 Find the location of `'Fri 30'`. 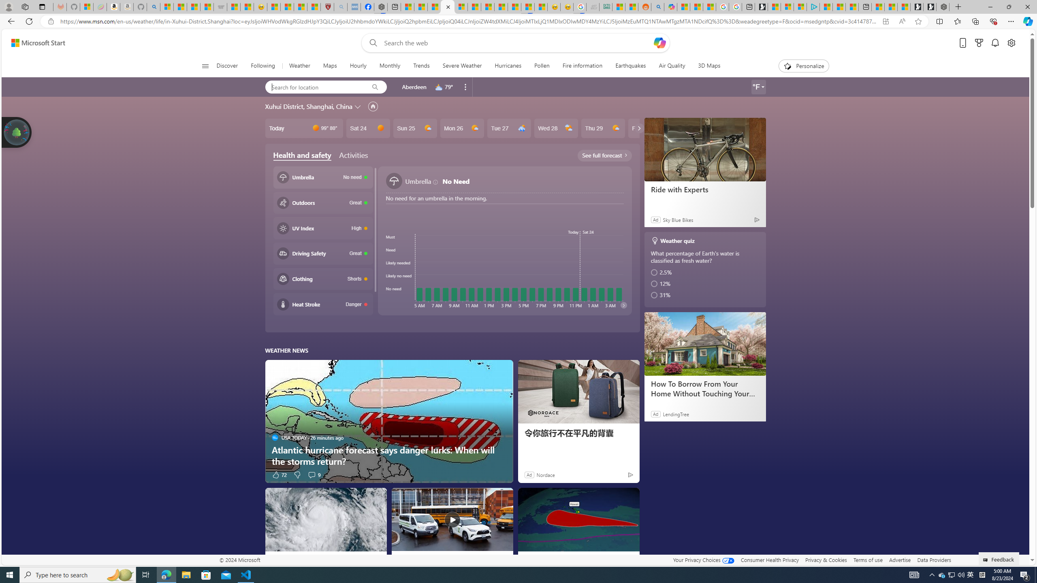

'Fri 30' is located at coordinates (649, 128).